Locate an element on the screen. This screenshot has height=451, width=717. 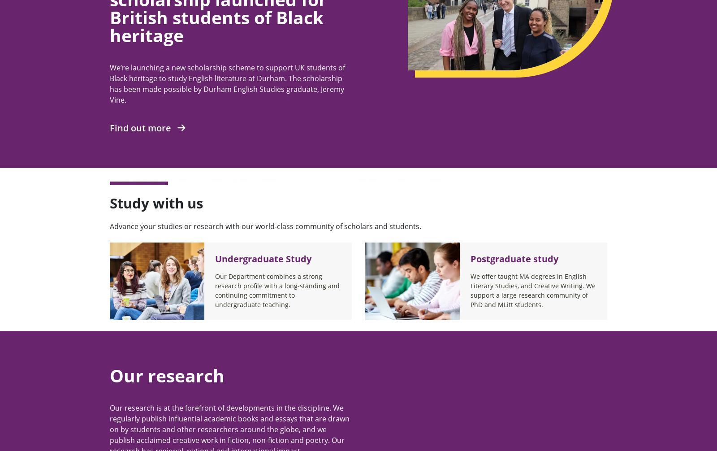
'Durham' is located at coordinates (123, 111).